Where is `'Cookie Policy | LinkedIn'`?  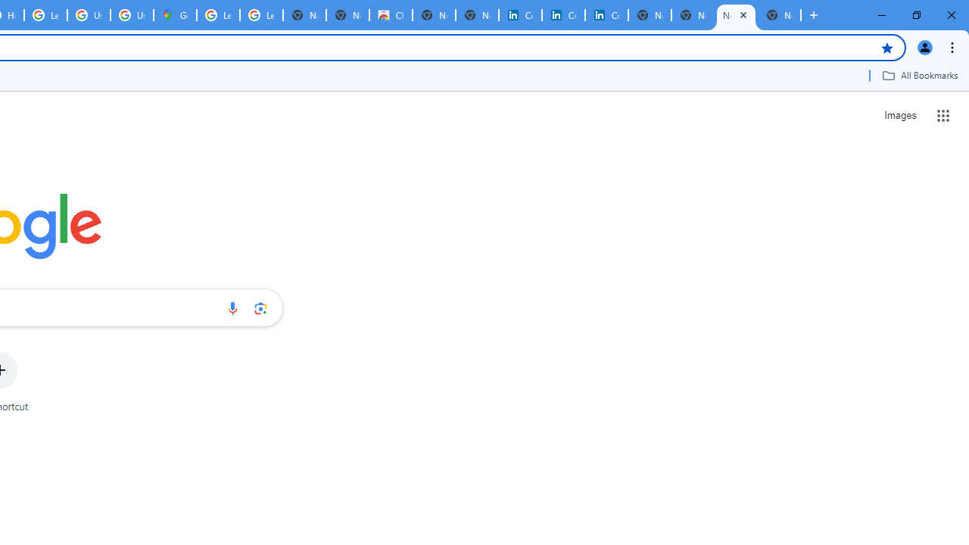
'Cookie Policy | LinkedIn' is located at coordinates (520, 15).